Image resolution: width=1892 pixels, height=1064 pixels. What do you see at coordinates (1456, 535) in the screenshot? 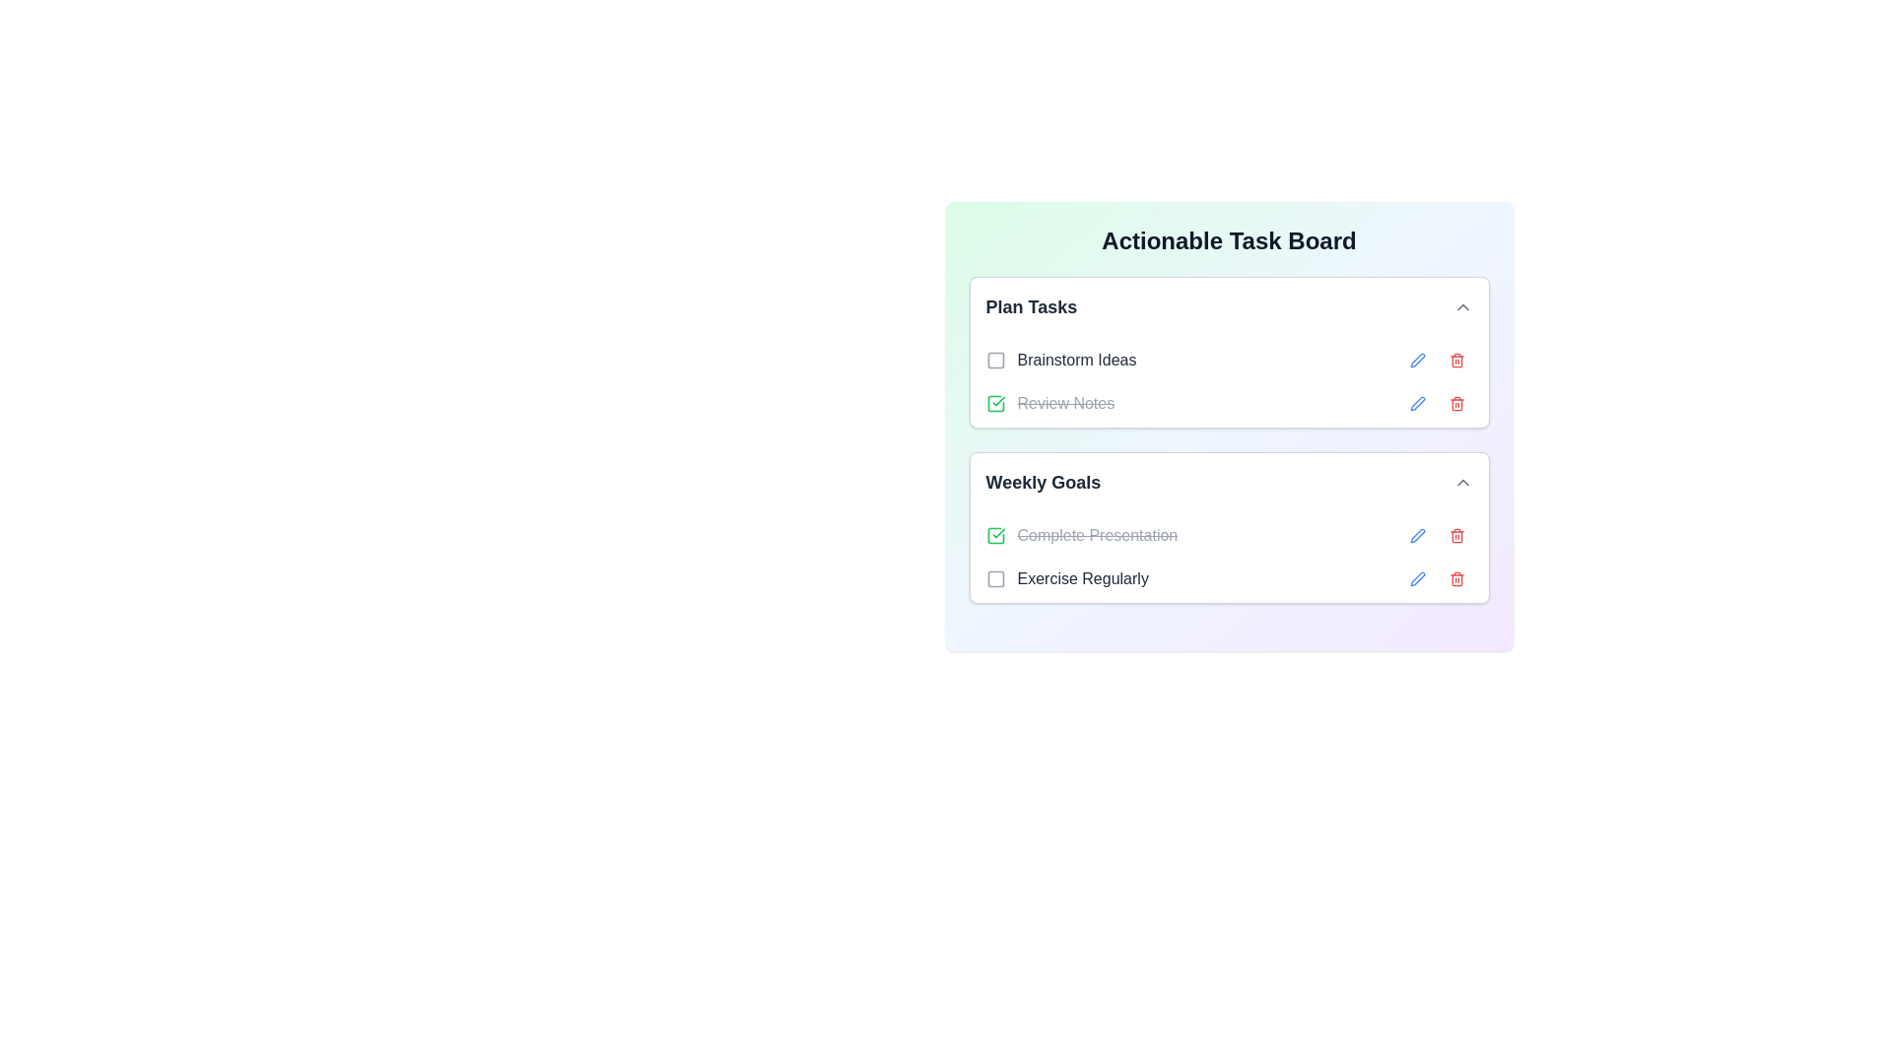
I see `the deletion button located at the far right of the three interactive elements in the 'Weekly Goals' task list` at bounding box center [1456, 535].